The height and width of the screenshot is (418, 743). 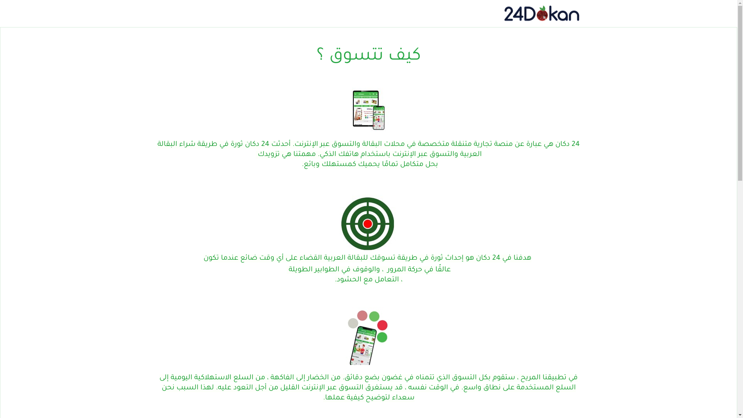 What do you see at coordinates (540, 13) in the screenshot?
I see `'24Dokan'` at bounding box center [540, 13].